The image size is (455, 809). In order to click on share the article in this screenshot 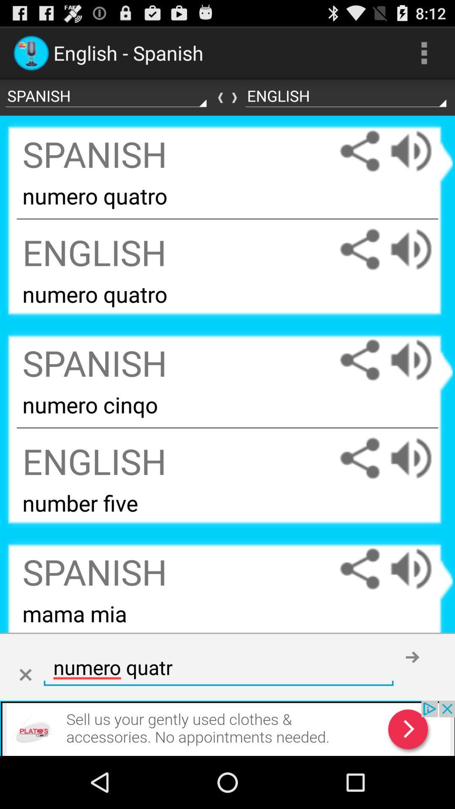, I will do `click(359, 569)`.